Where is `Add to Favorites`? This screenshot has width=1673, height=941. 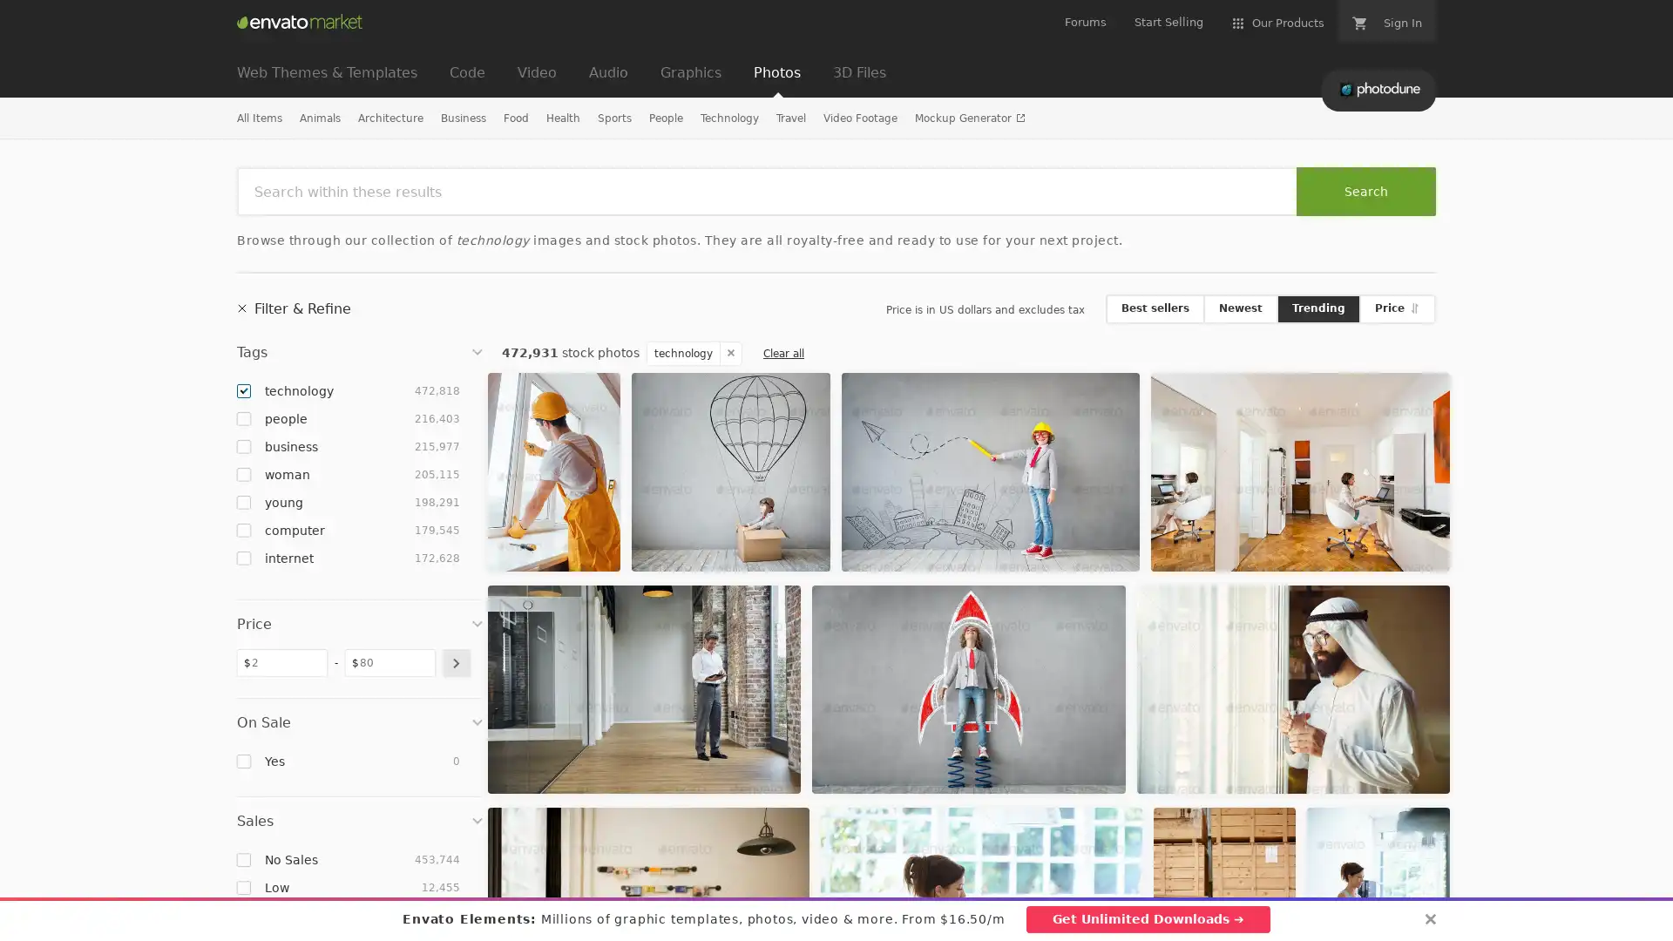
Add to Favorites is located at coordinates (1272, 829).